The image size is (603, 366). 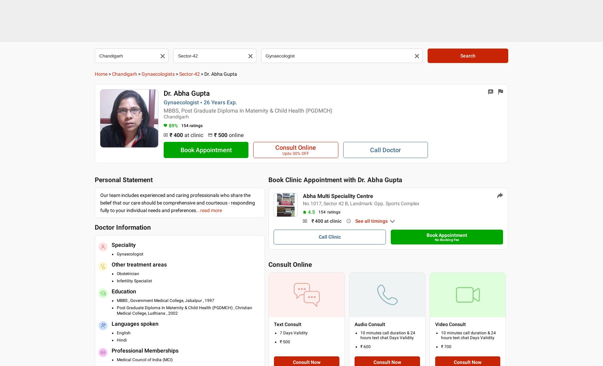 What do you see at coordinates (327, 285) in the screenshot?
I see `'female • 28 Year Old • Aug 28, 2019 • Delhi'` at bounding box center [327, 285].